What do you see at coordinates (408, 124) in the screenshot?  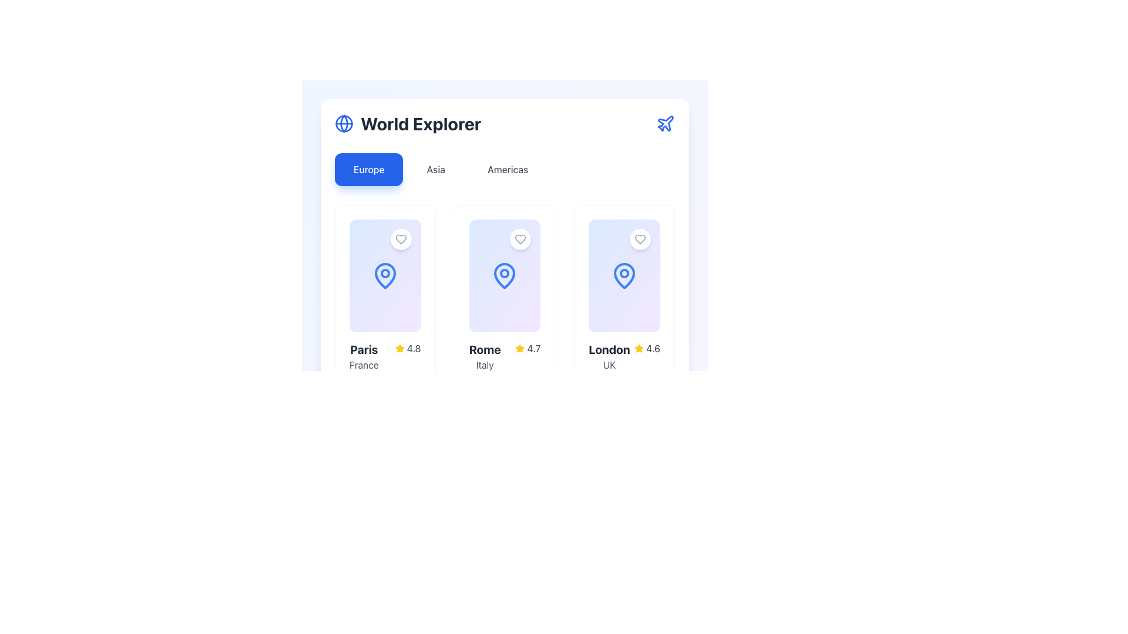 I see `the header element that indicates global exploration content, located below the navigation bar and aligned to the left with a globe icon` at bounding box center [408, 124].